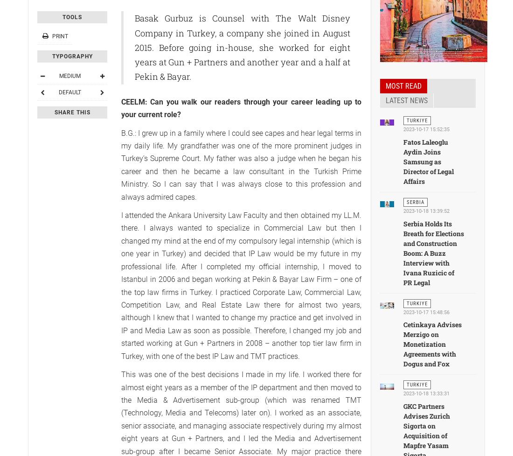 This screenshot has width=513, height=456. What do you see at coordinates (60, 36) in the screenshot?
I see `'Print'` at bounding box center [60, 36].